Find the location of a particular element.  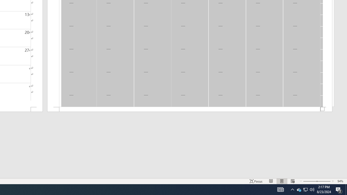

'Focus ' is located at coordinates (256, 181).